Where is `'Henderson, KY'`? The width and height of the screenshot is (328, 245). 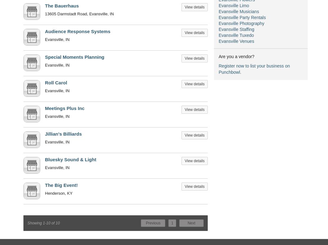 'Henderson, KY' is located at coordinates (58, 193).